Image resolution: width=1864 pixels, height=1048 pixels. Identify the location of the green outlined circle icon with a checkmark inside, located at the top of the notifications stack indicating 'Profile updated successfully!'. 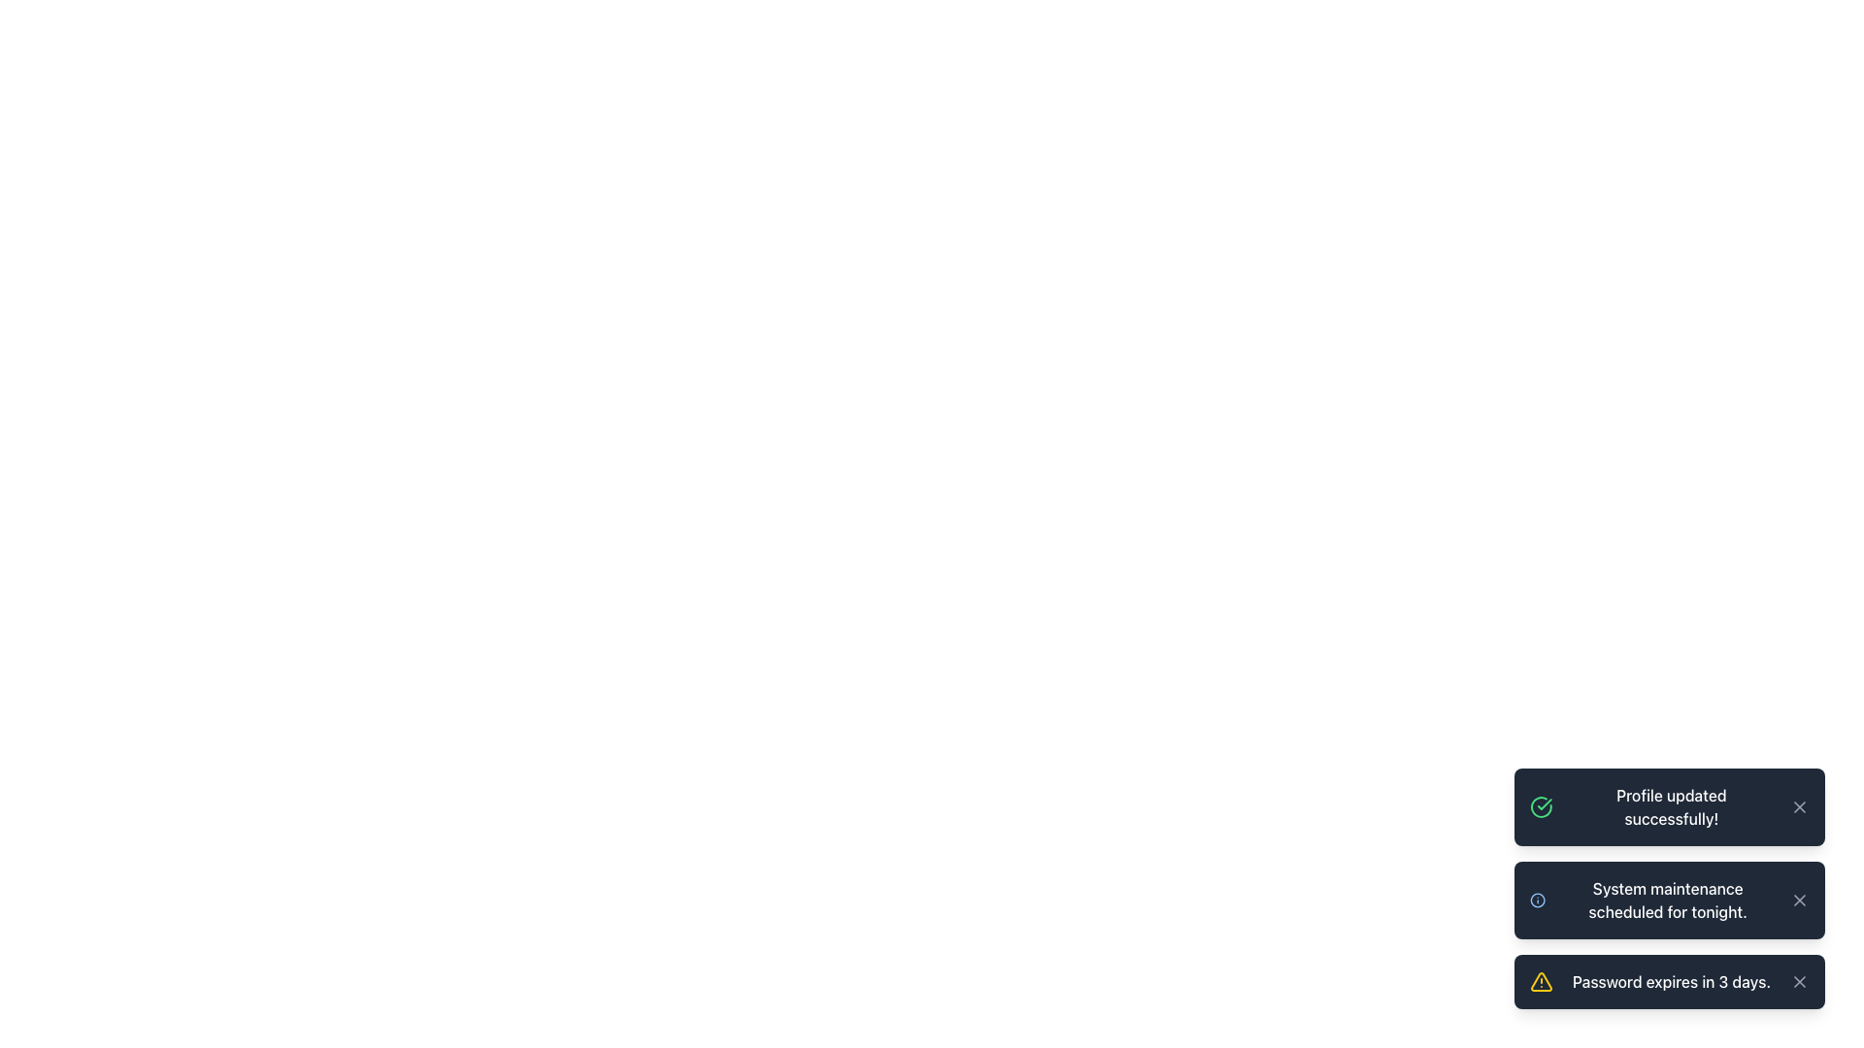
(1540, 807).